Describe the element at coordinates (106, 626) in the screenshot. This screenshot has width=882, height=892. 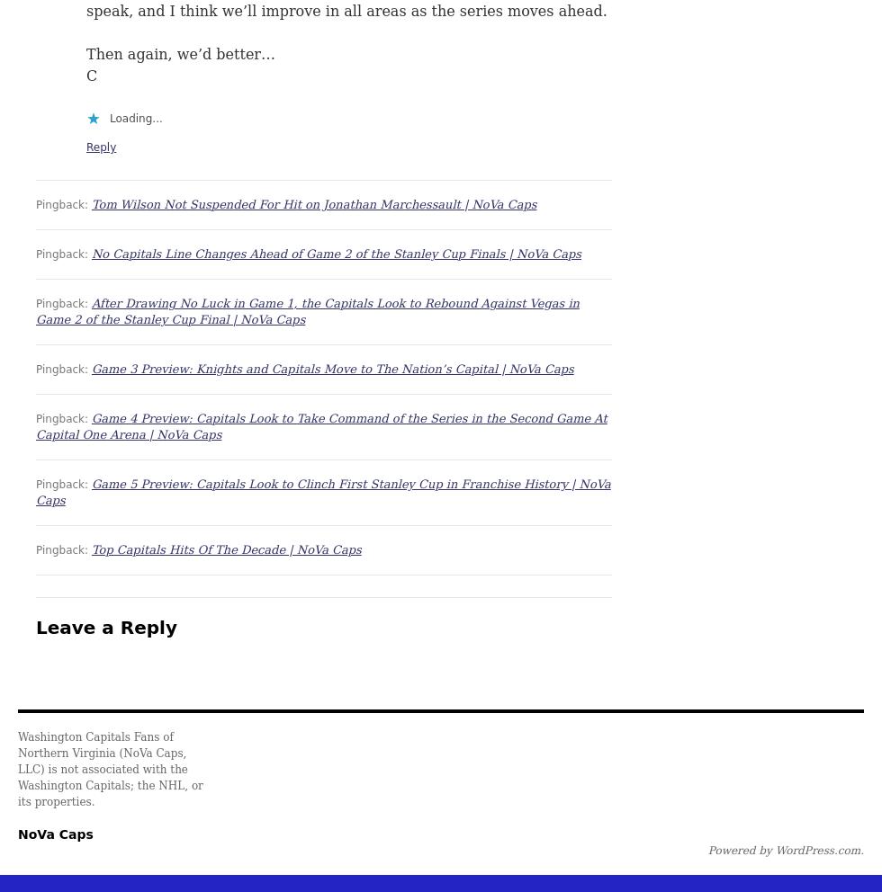
I see `'Leave a Reply'` at that location.